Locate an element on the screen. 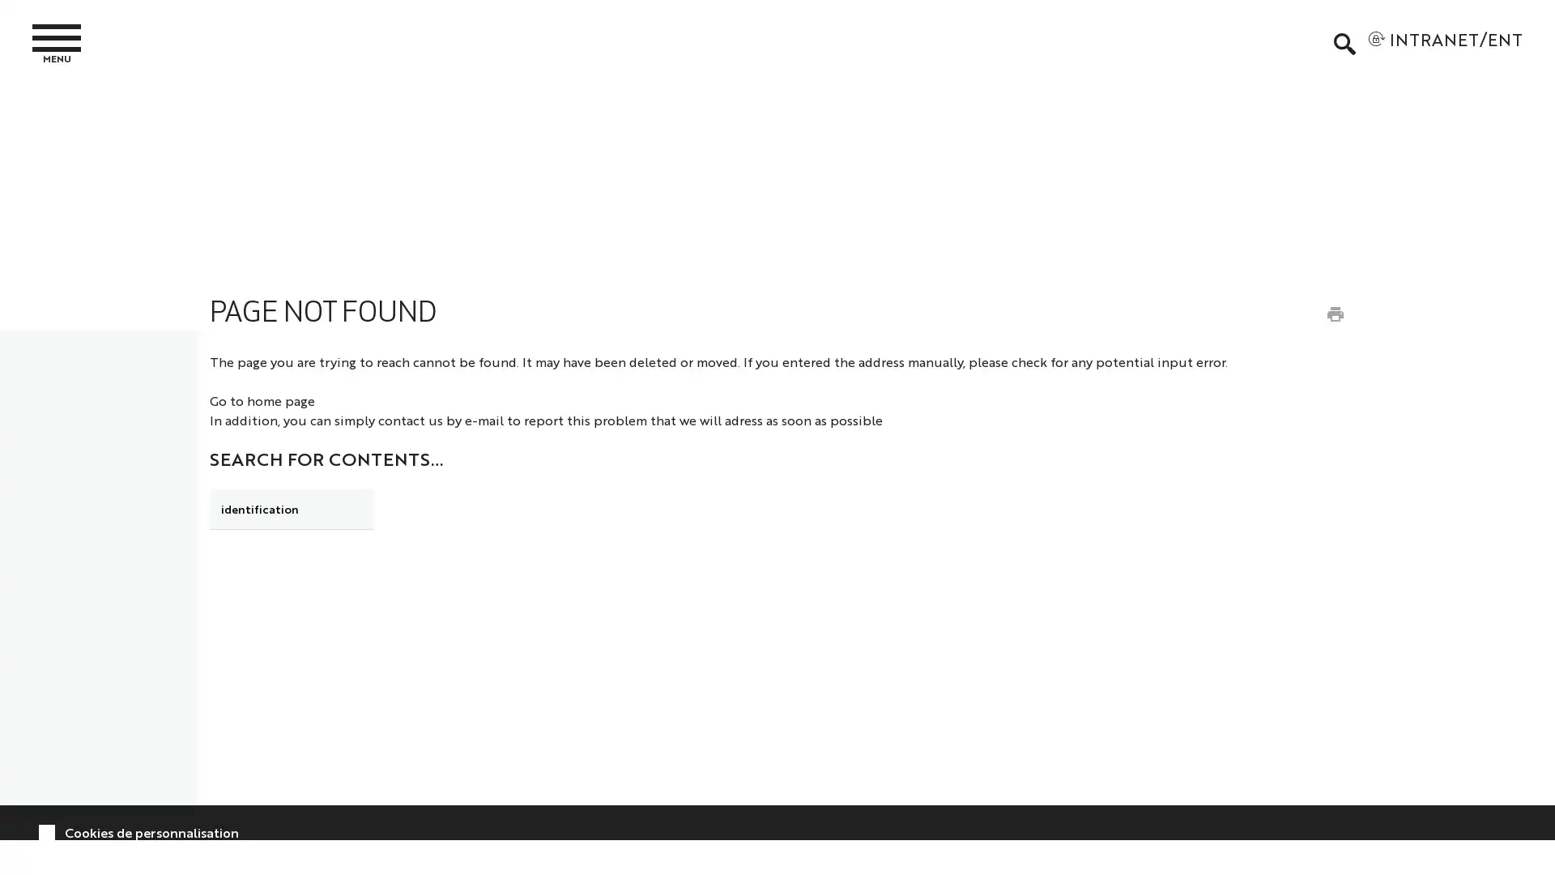 The height and width of the screenshot is (875, 1555). Print is located at coordinates (1334, 313).